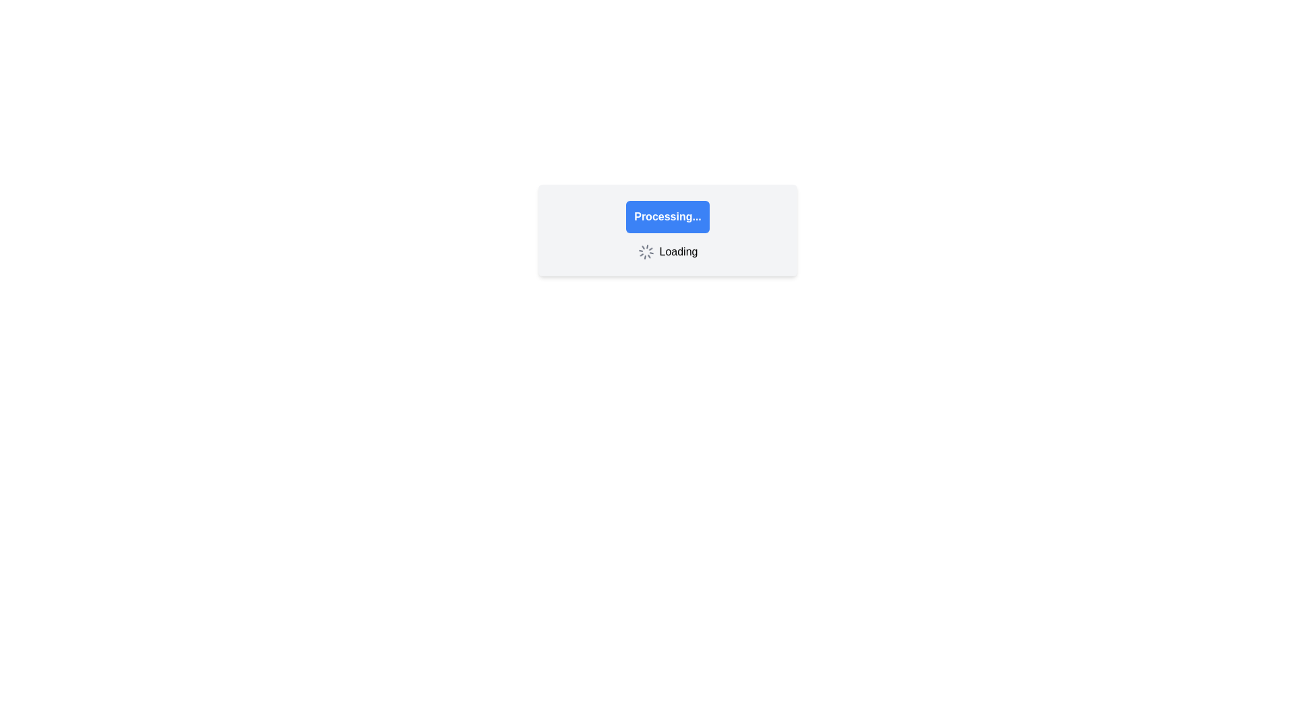  What do you see at coordinates (679, 252) in the screenshot?
I see `the Text Label that indicates loading or processing status, positioned directly to the right of the spinner animation within the group` at bounding box center [679, 252].